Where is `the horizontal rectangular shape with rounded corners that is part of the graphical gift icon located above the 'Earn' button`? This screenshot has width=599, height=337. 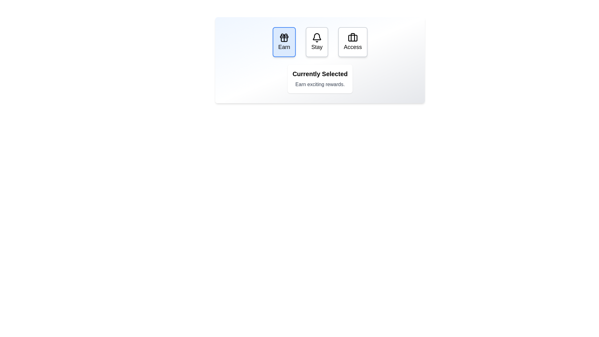
the horizontal rectangular shape with rounded corners that is part of the graphical gift icon located above the 'Earn' button is located at coordinates (284, 37).